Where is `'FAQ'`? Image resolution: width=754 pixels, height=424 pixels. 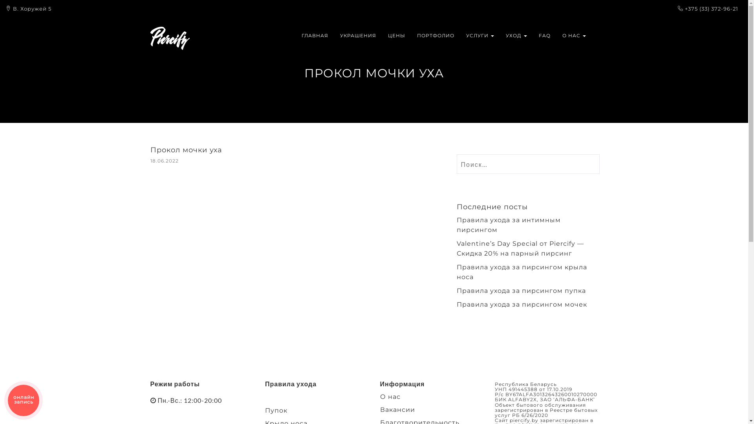
'FAQ' is located at coordinates (533, 36).